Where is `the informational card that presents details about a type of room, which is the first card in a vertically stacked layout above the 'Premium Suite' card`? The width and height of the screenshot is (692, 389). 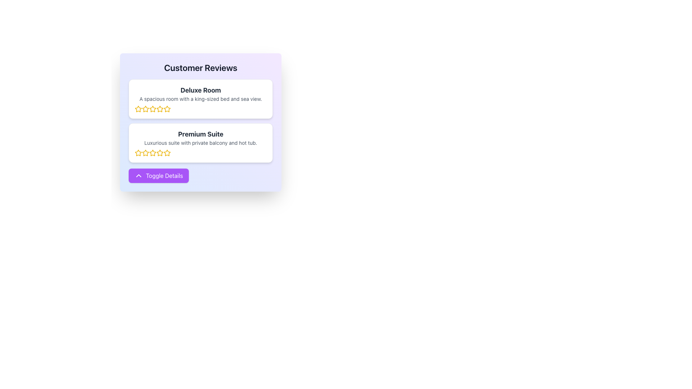 the informational card that presents details about a type of room, which is the first card in a vertically stacked layout above the 'Premium Suite' card is located at coordinates (200, 99).